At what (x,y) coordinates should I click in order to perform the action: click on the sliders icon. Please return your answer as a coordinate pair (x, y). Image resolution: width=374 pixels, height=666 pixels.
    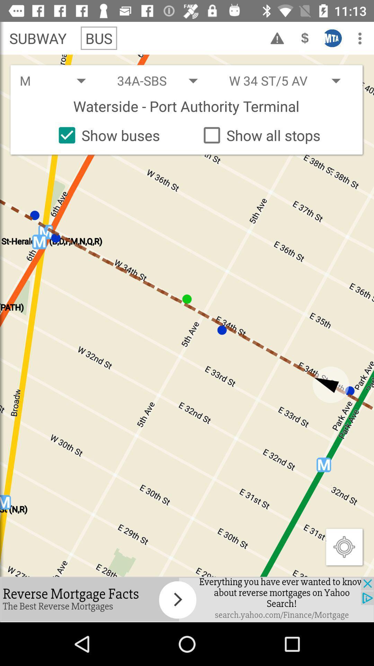
    Looking at the image, I should click on (332, 38).